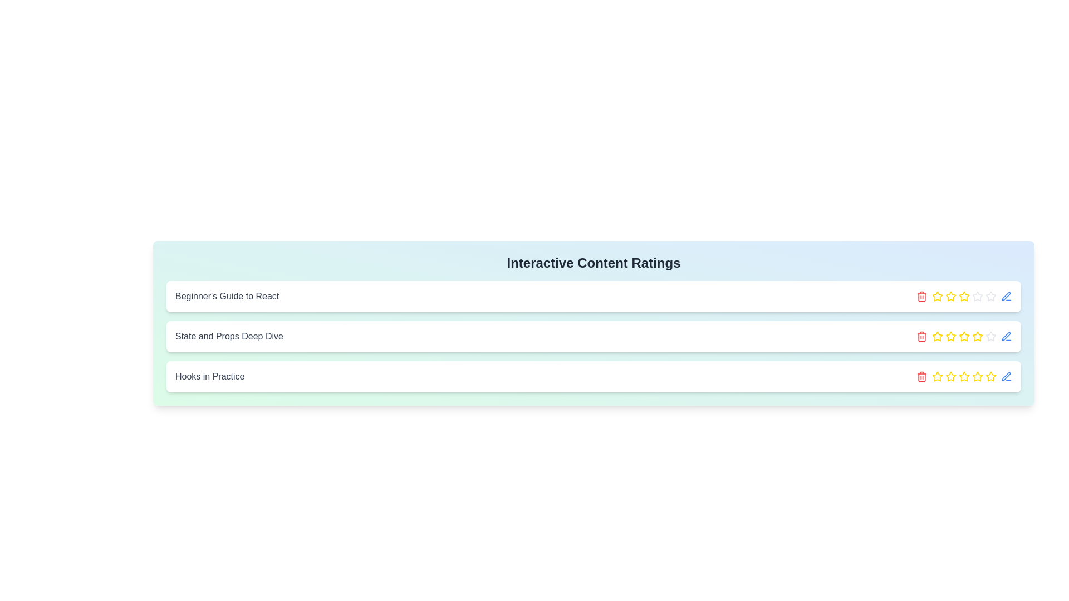 Image resolution: width=1069 pixels, height=601 pixels. Describe the element at coordinates (922, 295) in the screenshot. I see `the red trash can icon on the leftmost side of the button group to initiate the delete action` at that location.